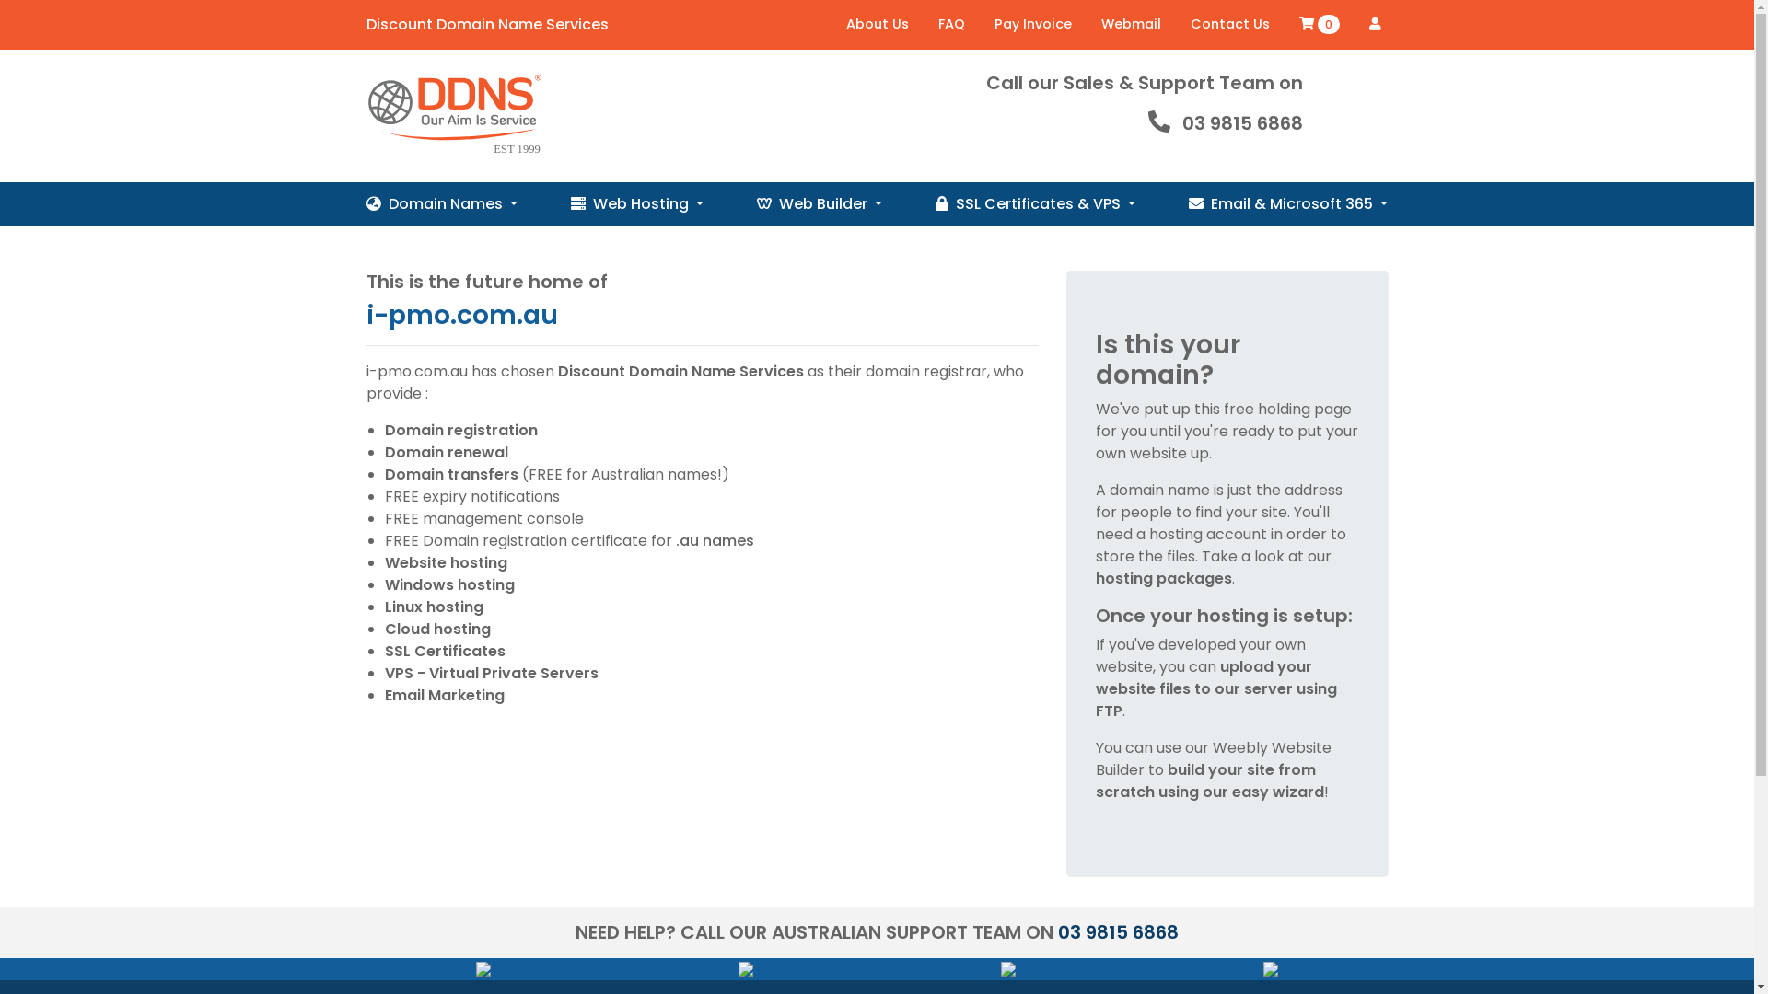 This screenshot has width=1768, height=994. I want to click on 'Webmail', so click(1130, 25).